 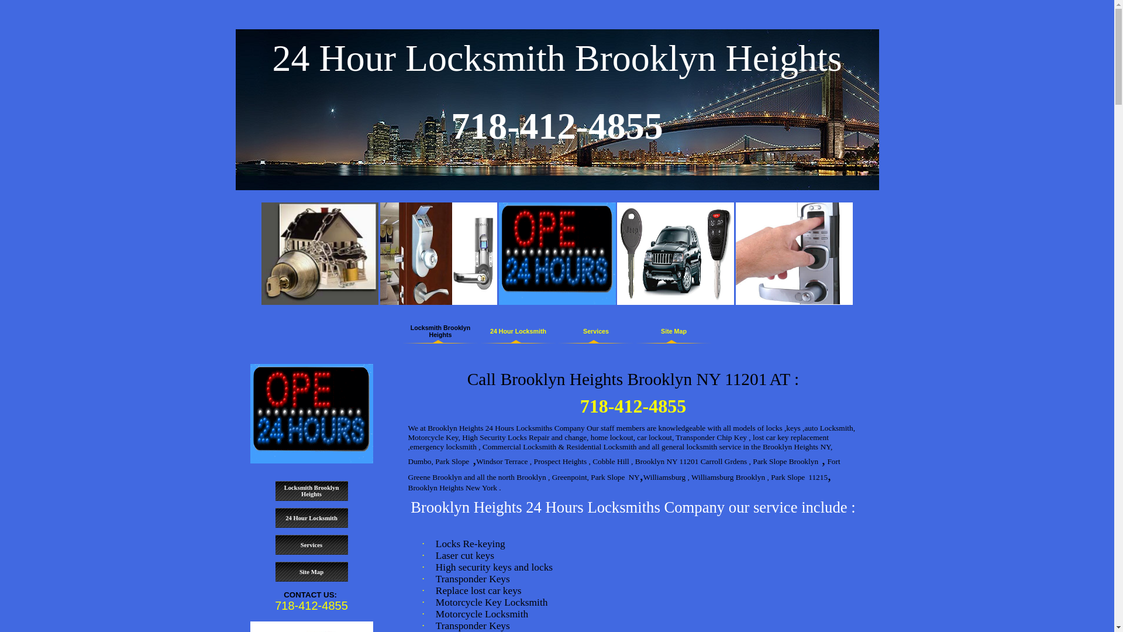 What do you see at coordinates (274, 571) in the screenshot?
I see `'Site Map'` at bounding box center [274, 571].